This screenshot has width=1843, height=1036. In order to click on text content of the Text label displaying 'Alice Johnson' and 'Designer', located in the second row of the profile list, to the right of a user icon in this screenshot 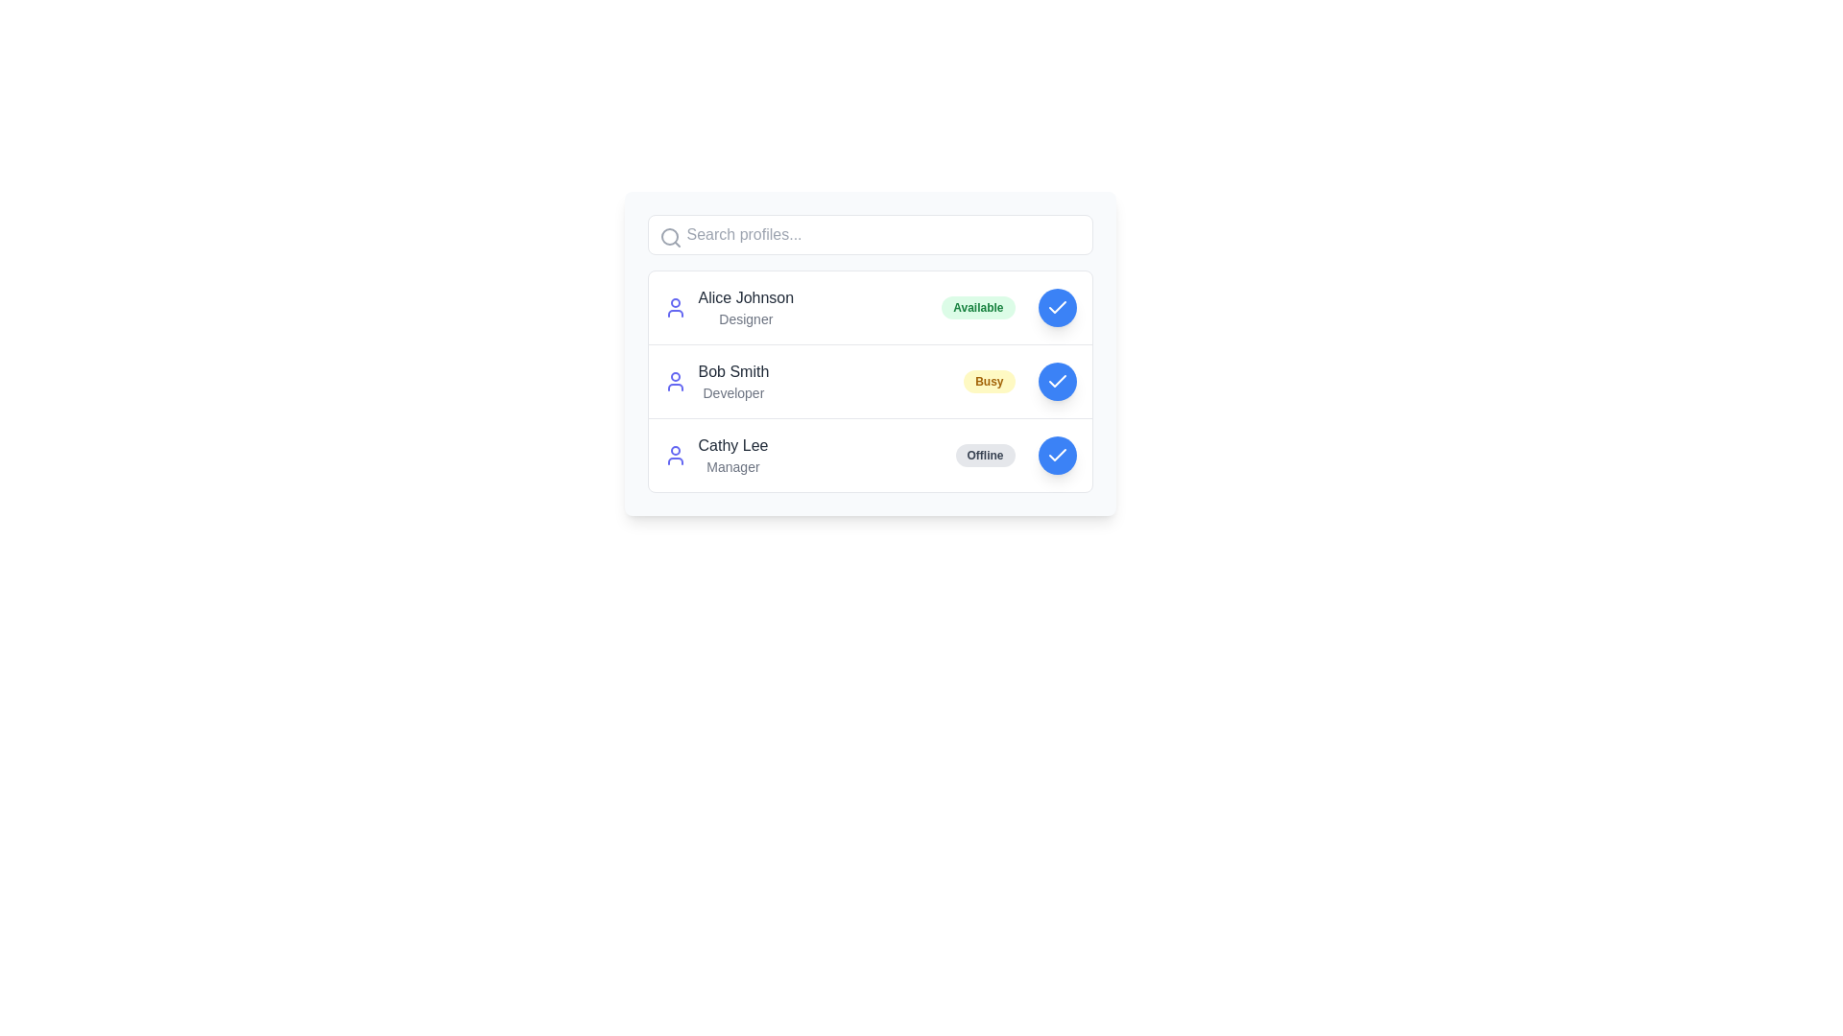, I will do `click(745, 306)`.